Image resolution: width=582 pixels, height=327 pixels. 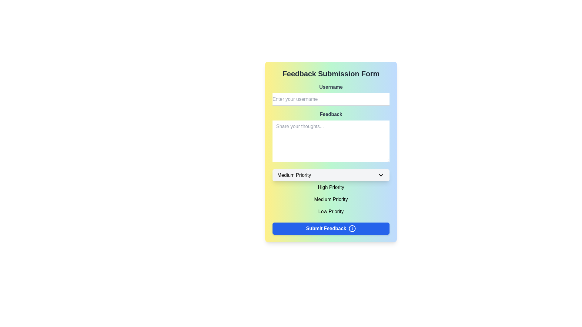 What do you see at coordinates (330, 187) in the screenshot?
I see `the first option in the dropdown menu` at bounding box center [330, 187].